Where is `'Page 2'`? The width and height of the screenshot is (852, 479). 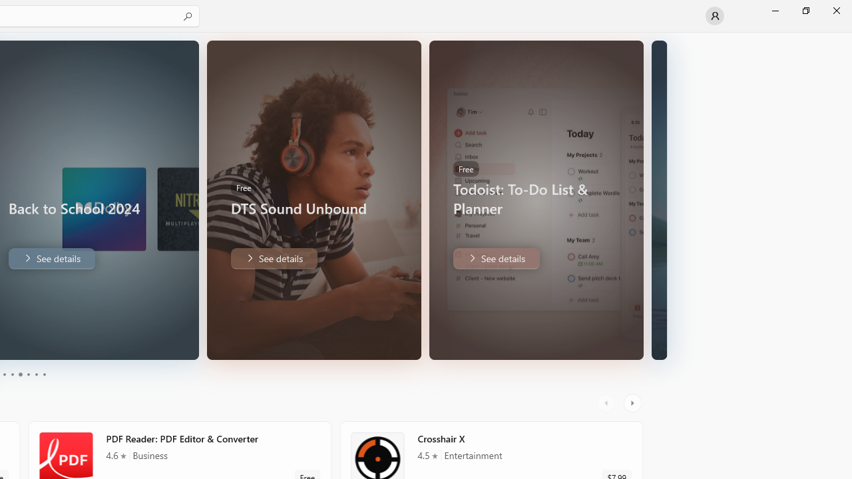 'Page 2' is located at coordinates (11, 375).